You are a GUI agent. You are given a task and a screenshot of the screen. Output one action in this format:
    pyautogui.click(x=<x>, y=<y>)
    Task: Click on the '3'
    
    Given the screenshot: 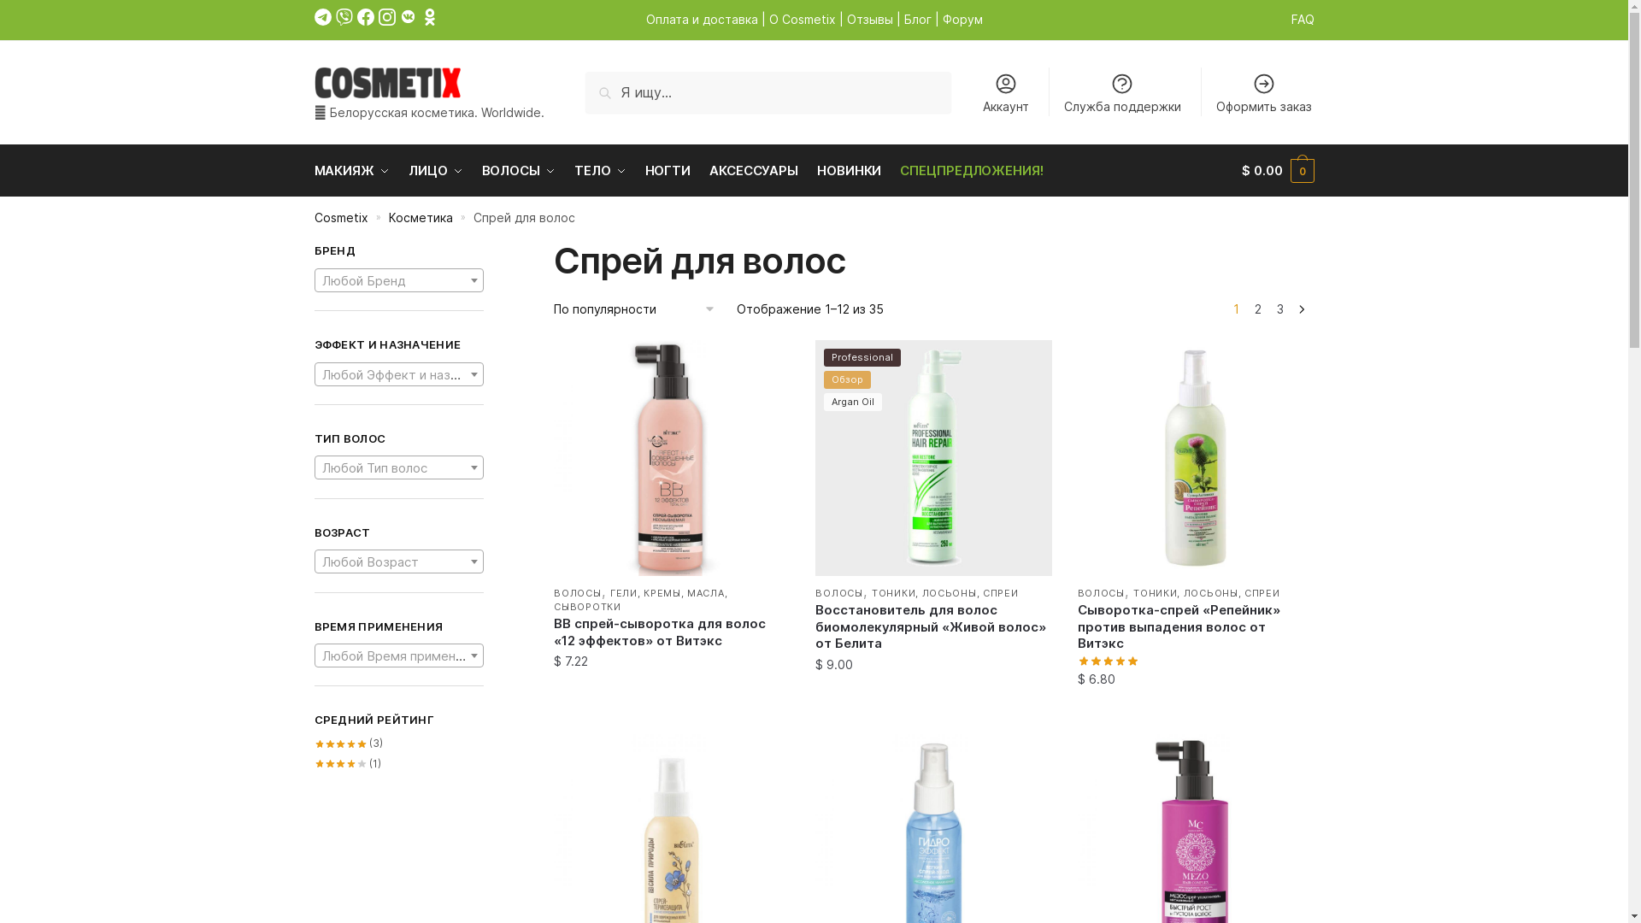 What is the action you would take?
    pyautogui.click(x=1279, y=309)
    